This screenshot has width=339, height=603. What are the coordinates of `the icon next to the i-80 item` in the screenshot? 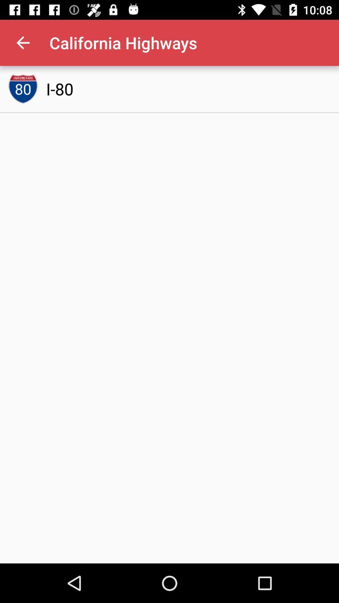 It's located at (23, 89).